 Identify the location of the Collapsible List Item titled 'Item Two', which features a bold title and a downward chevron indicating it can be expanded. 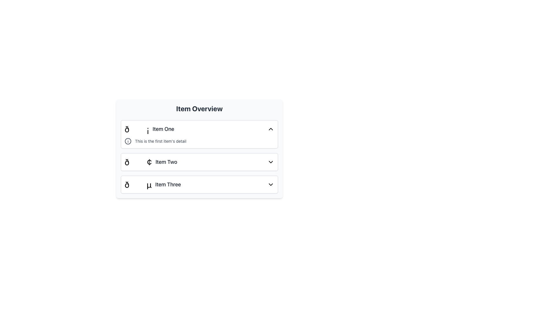
(199, 162).